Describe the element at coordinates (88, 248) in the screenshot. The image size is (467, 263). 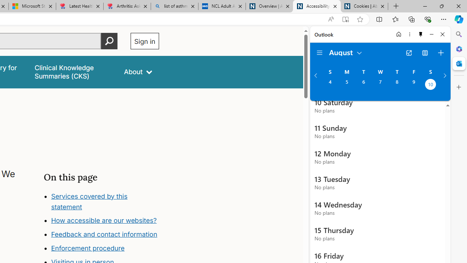
I see `'Enforcement procedure'` at that location.